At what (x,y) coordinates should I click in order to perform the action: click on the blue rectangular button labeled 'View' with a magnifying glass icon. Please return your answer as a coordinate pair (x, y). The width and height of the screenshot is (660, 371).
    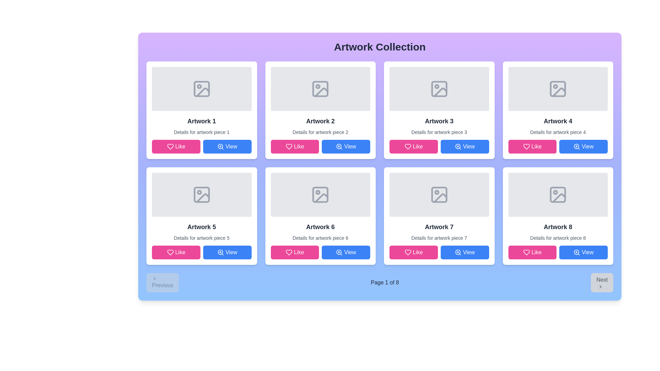
    Looking at the image, I should click on (465, 146).